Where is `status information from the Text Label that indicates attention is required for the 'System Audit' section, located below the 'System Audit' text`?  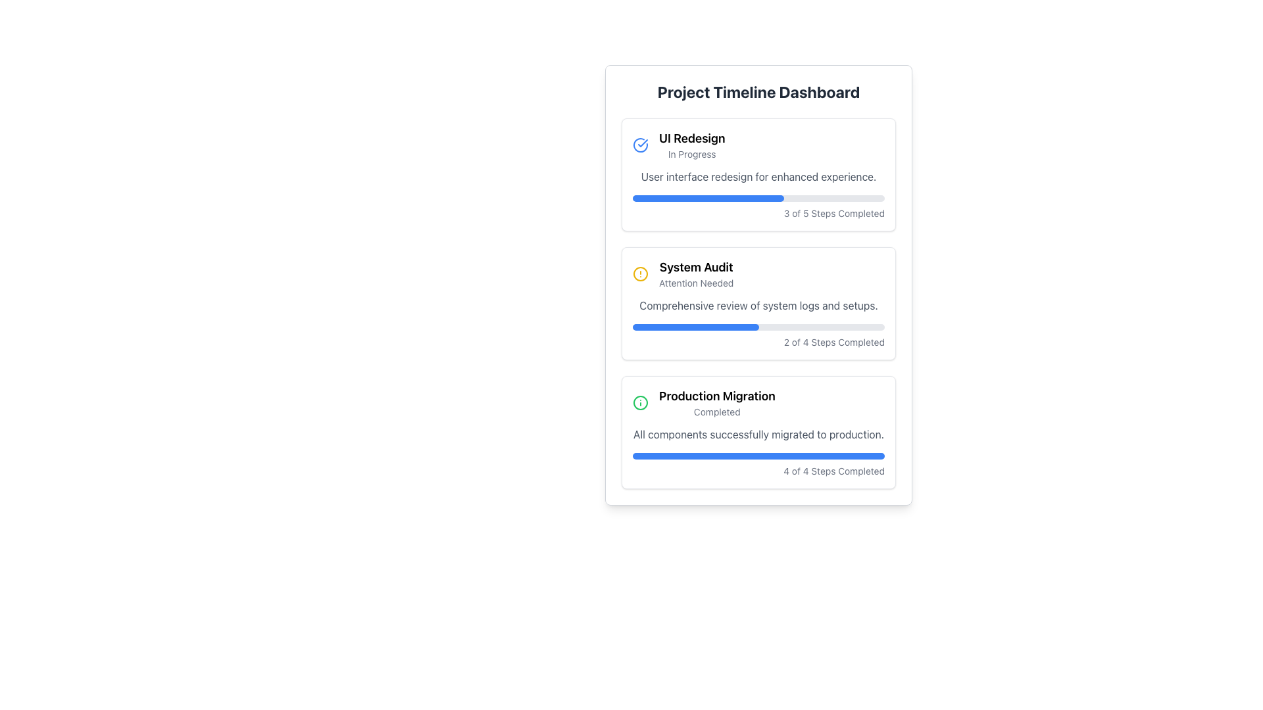 status information from the Text Label that indicates attention is required for the 'System Audit' section, located below the 'System Audit' text is located at coordinates (695, 283).